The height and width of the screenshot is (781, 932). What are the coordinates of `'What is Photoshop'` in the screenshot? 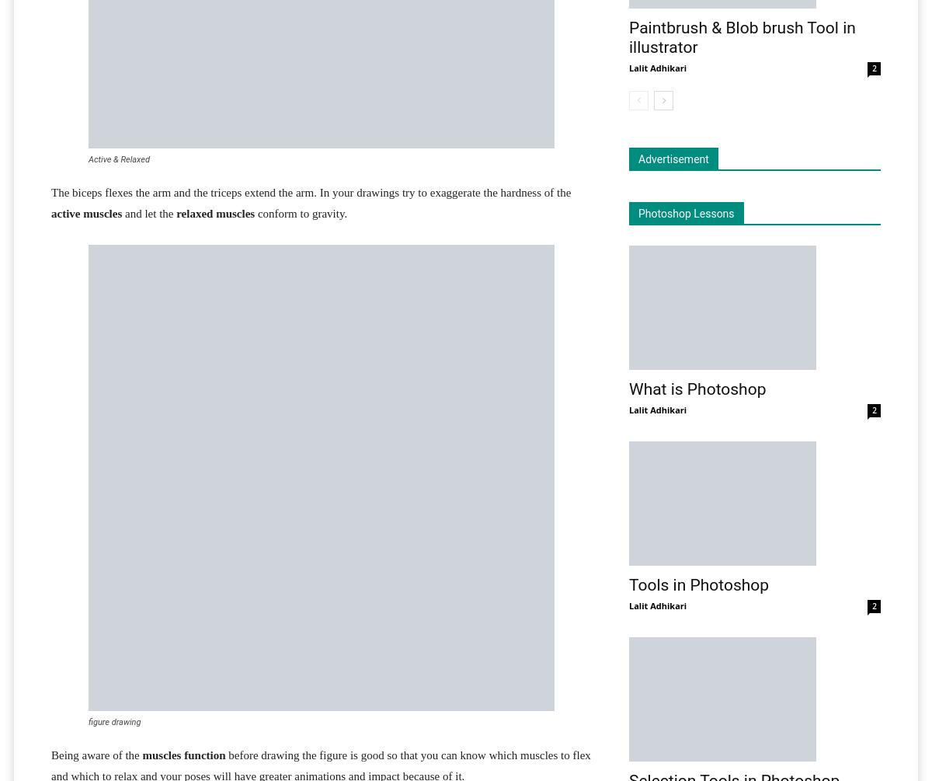 It's located at (696, 389).